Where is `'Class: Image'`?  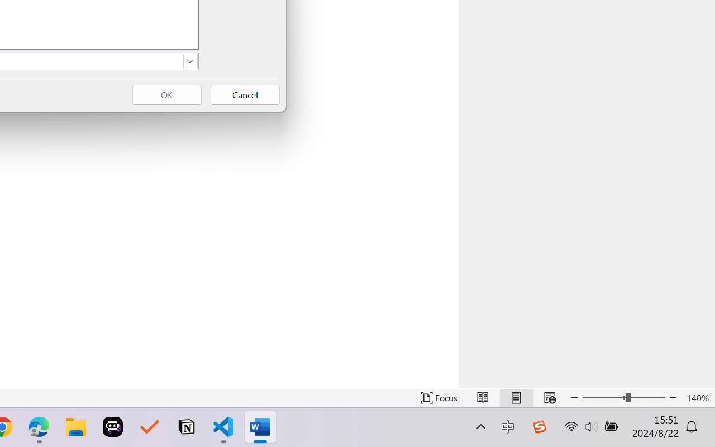
'Class: Image' is located at coordinates (539, 427).